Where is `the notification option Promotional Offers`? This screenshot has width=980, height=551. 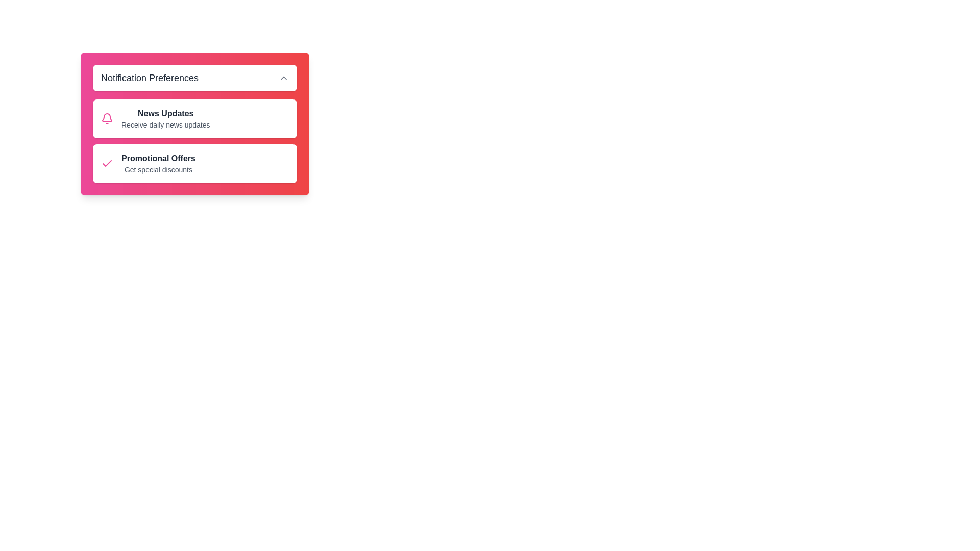
the notification option Promotional Offers is located at coordinates (195, 163).